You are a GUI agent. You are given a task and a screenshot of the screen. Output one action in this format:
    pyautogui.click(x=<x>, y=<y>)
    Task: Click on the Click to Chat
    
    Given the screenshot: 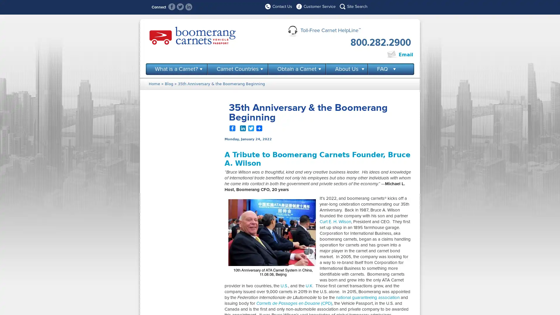 What is the action you would take?
    pyautogui.click(x=366, y=55)
    